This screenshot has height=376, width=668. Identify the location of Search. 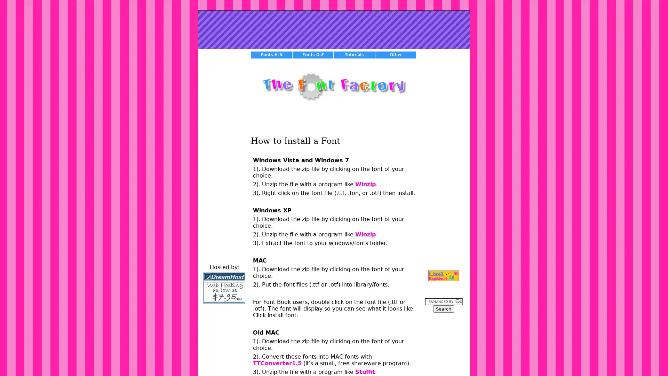
(443, 308).